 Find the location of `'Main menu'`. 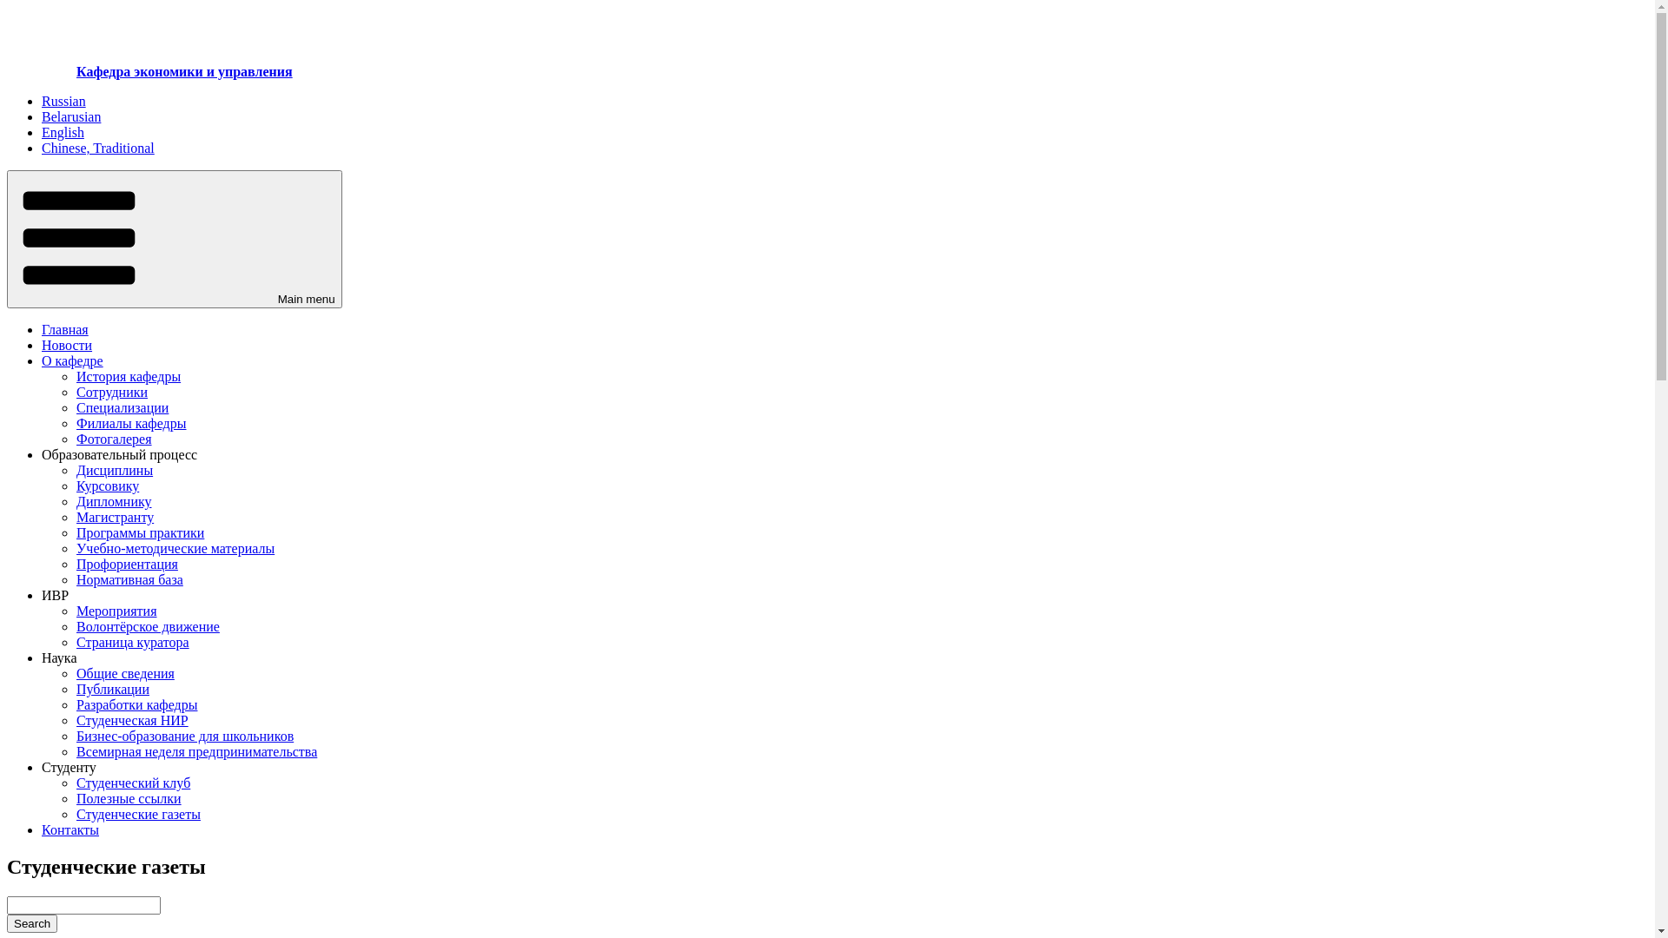

'Main menu' is located at coordinates (7, 239).